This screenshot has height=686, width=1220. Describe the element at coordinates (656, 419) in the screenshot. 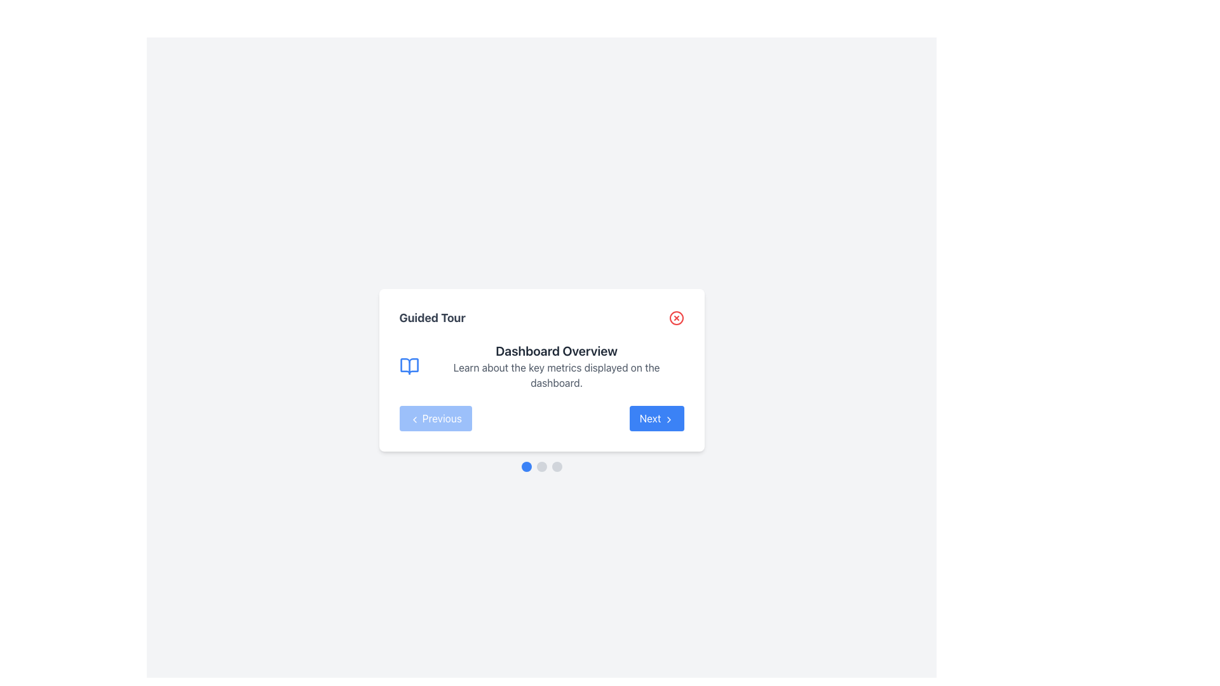

I see `the 'Next' button located in the bottom-right corner of the navigation buttons within the guided tour panel` at that location.